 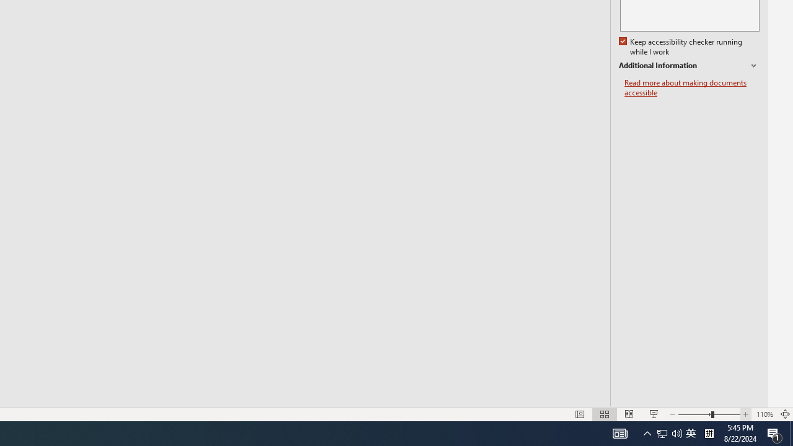 I want to click on 'Reading View', so click(x=629, y=414).